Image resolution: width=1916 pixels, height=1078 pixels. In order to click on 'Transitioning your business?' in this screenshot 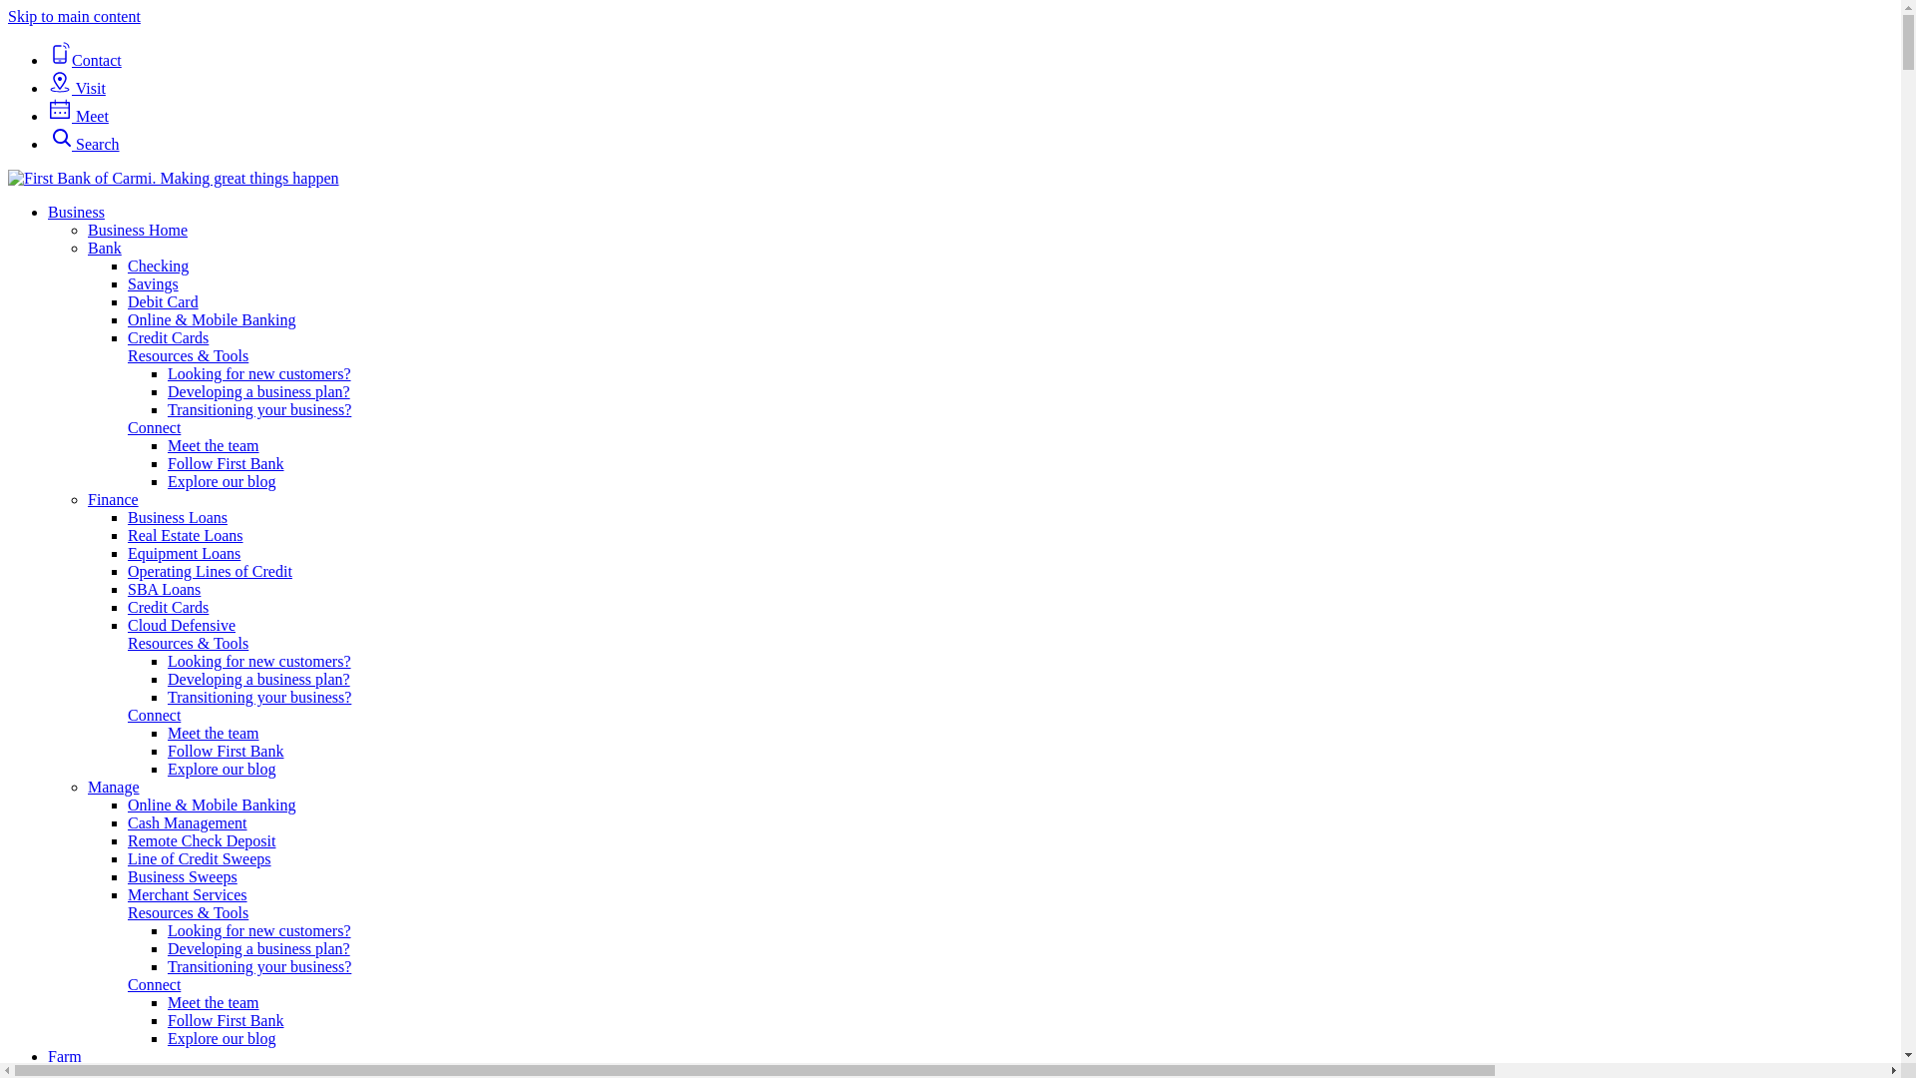, I will do `click(257, 408)`.